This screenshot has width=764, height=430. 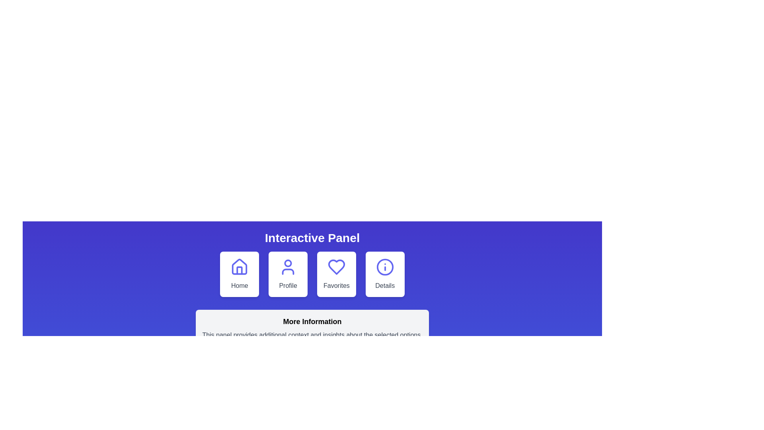 What do you see at coordinates (385, 267) in the screenshot?
I see `the circular icon with an 'i' symbol, which is displayed in indigo and positioned above the label 'Details'` at bounding box center [385, 267].